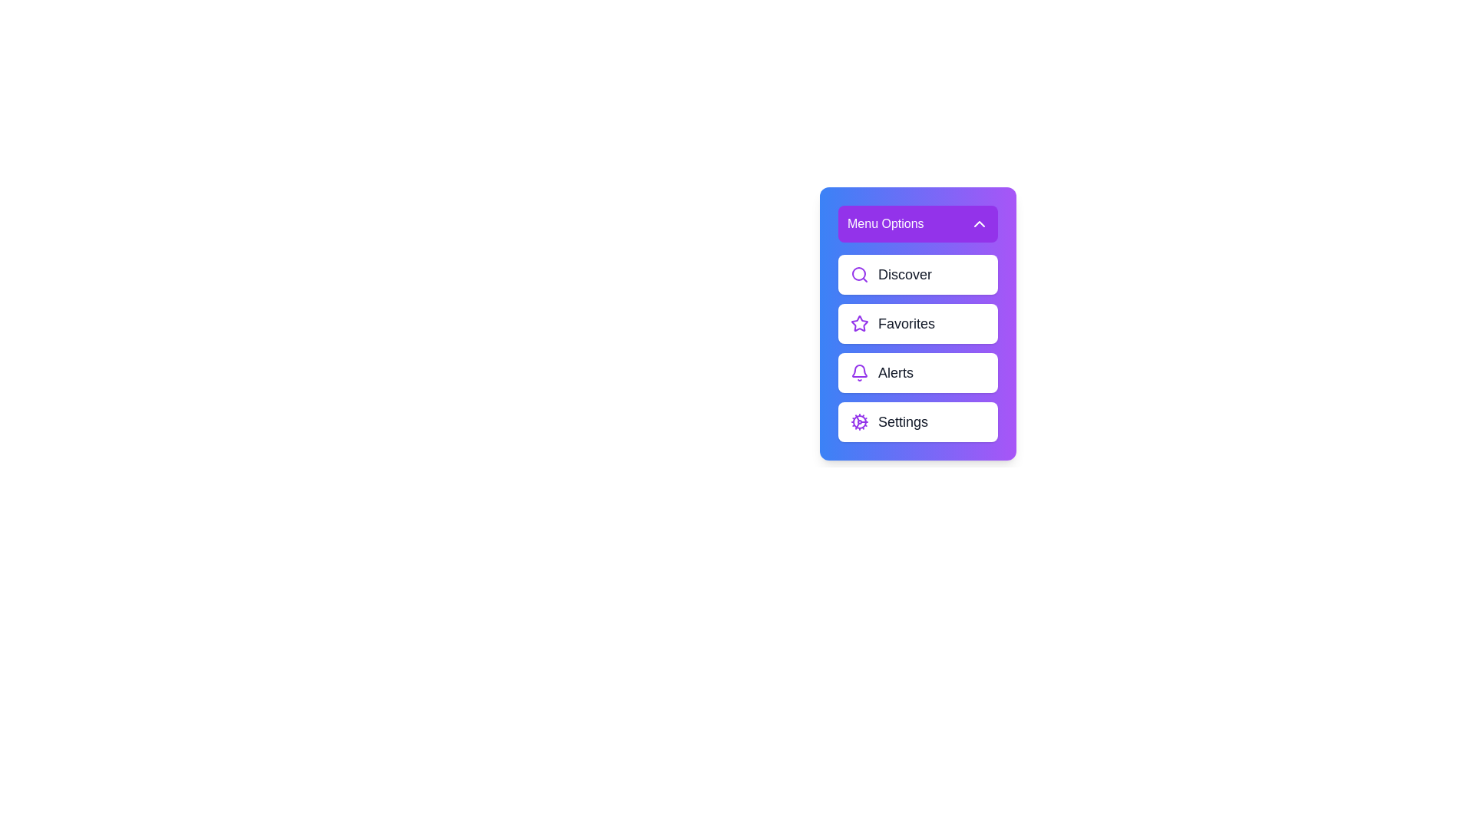 The image size is (1474, 829). Describe the element at coordinates (917, 274) in the screenshot. I see `the first list item labeled 'Discover', which features a purple magnifying glass icon and is located beneath the 'Menu Options' title` at that location.